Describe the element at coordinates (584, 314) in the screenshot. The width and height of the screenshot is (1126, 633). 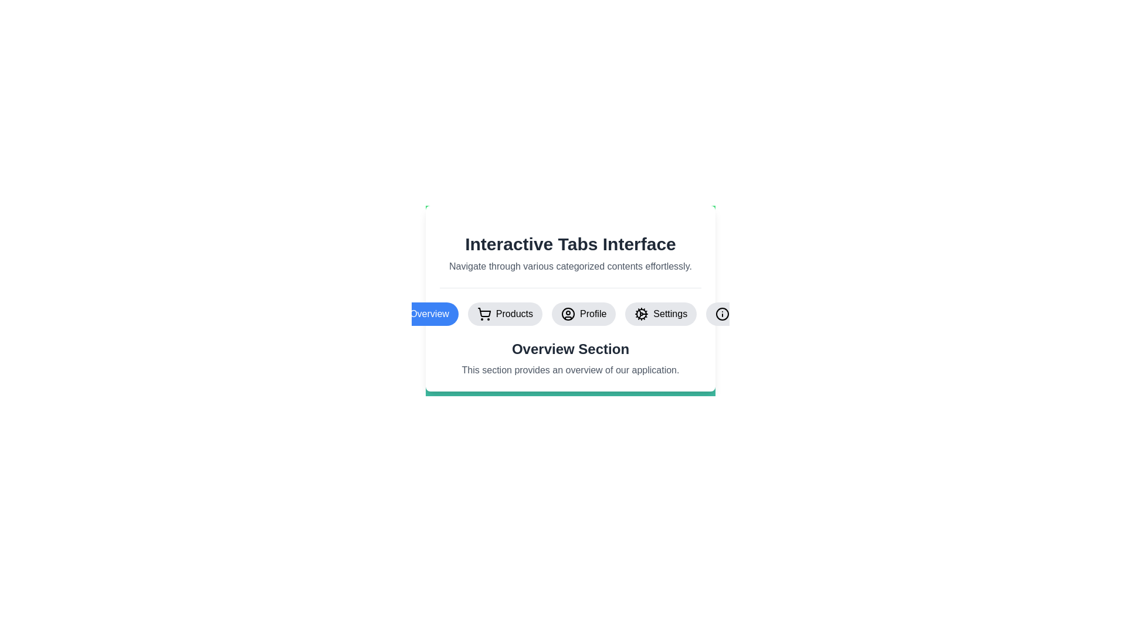
I see `the 'Profile' button with rounded edges and a light gray background located` at that location.